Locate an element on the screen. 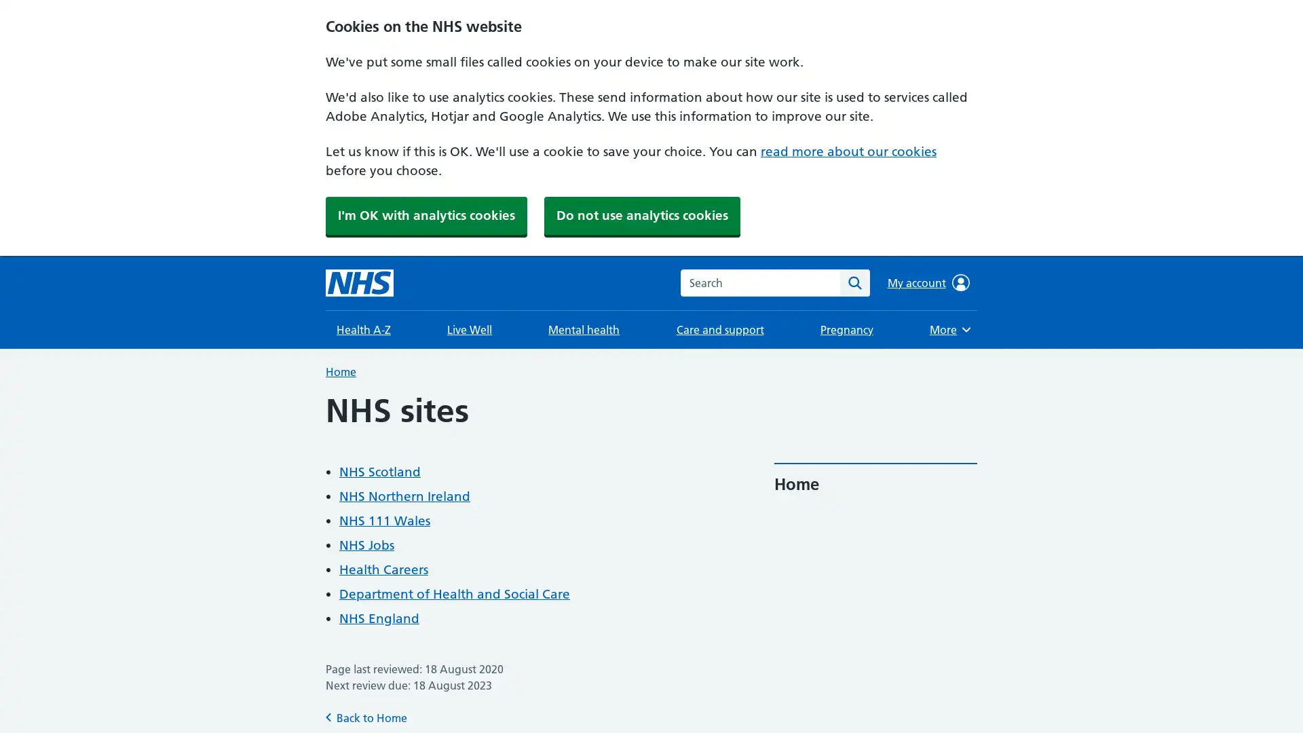  I'm OK with analytics cookies is located at coordinates (426, 214).